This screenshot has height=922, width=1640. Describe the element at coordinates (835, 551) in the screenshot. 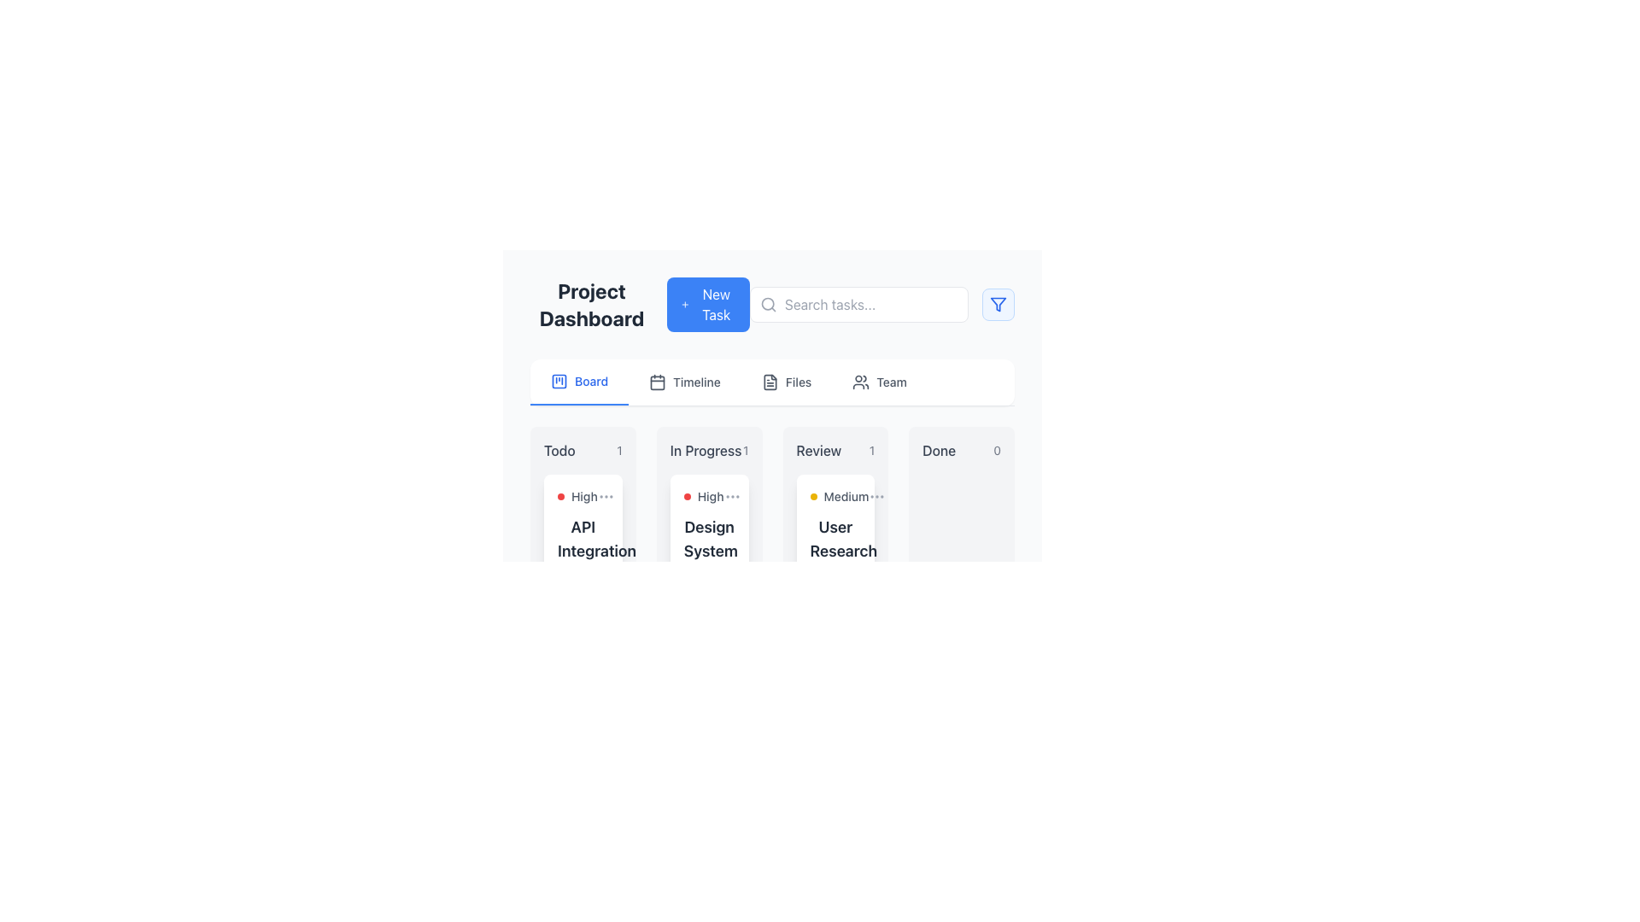

I see `the 'User Research Analysis' label which is prominently displayed in bold, large font within the Review column of the project dashboard` at that location.